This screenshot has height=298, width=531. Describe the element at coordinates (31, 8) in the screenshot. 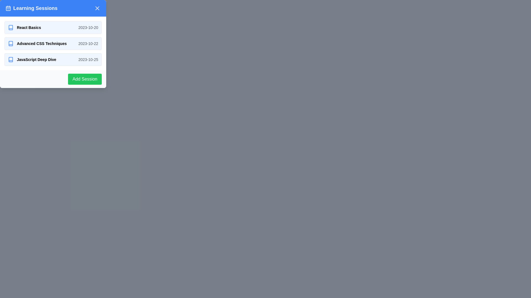

I see `the icon accompanying the heading in the upper-left corner of the header bar` at that location.